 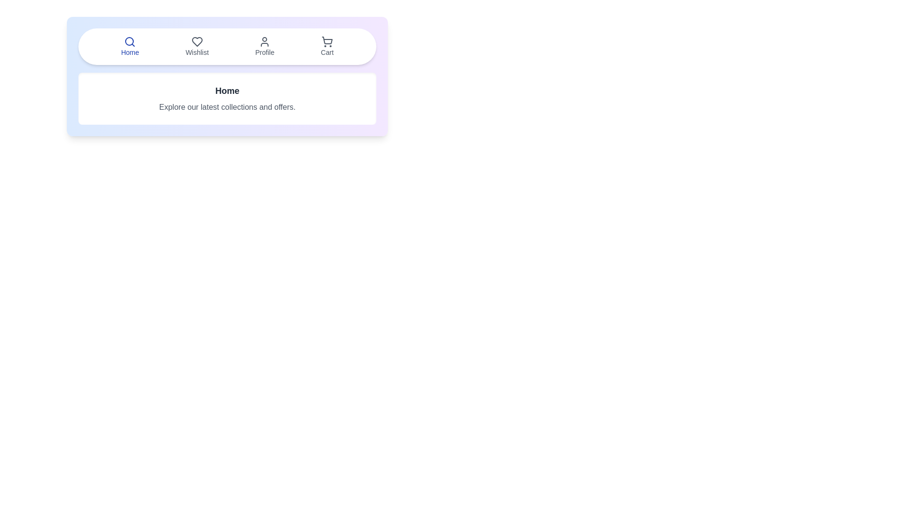 What do you see at coordinates (196, 46) in the screenshot?
I see `the tab labeled Wishlist to observe the visual effect` at bounding box center [196, 46].